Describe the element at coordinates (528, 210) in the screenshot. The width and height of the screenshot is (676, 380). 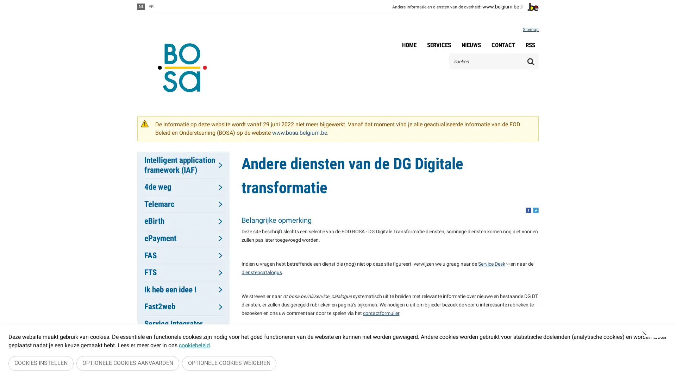
I see `Share this, facebook. This button opens a new window` at that location.